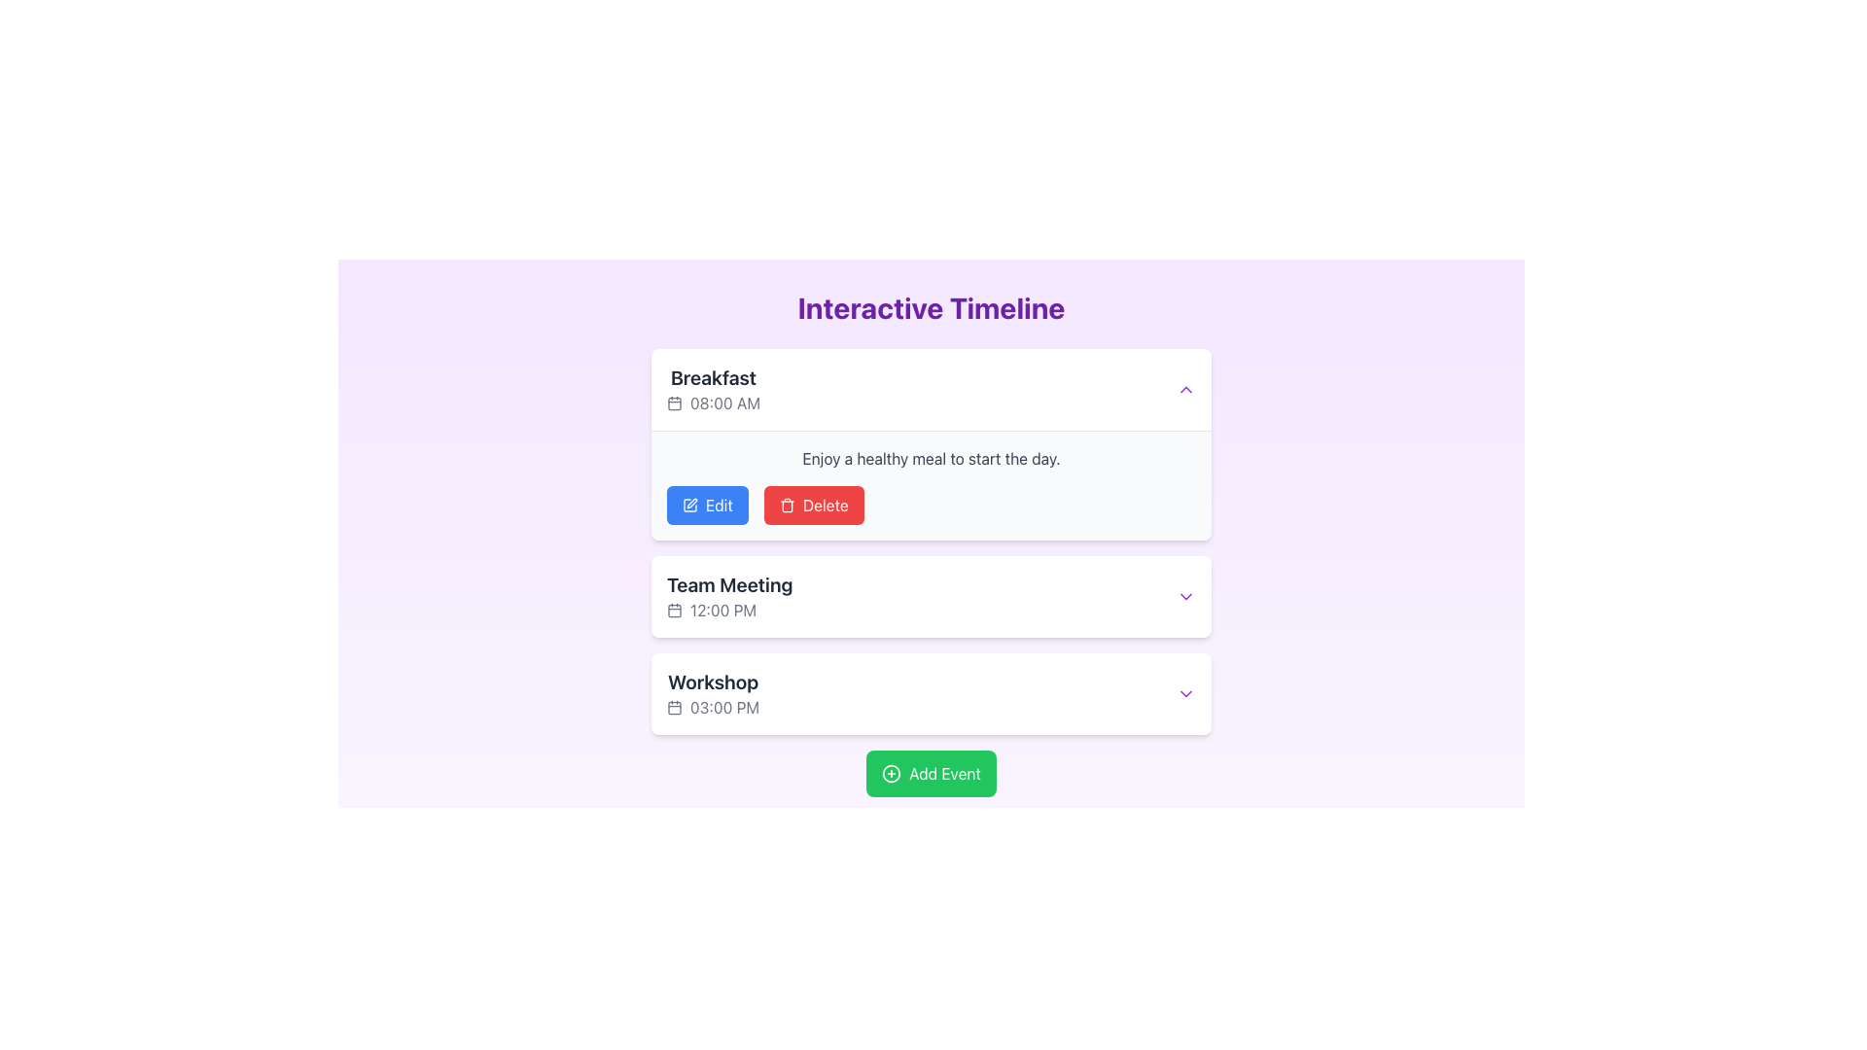  I want to click on the text label in the third event block of the timeline interface, located above the time indicator (03:00 PM) and next to the calendar icon, so click(712, 682).